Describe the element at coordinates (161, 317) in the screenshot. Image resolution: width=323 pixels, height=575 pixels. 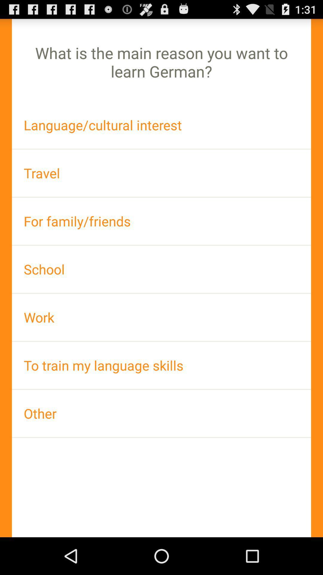
I see `the work icon` at that location.